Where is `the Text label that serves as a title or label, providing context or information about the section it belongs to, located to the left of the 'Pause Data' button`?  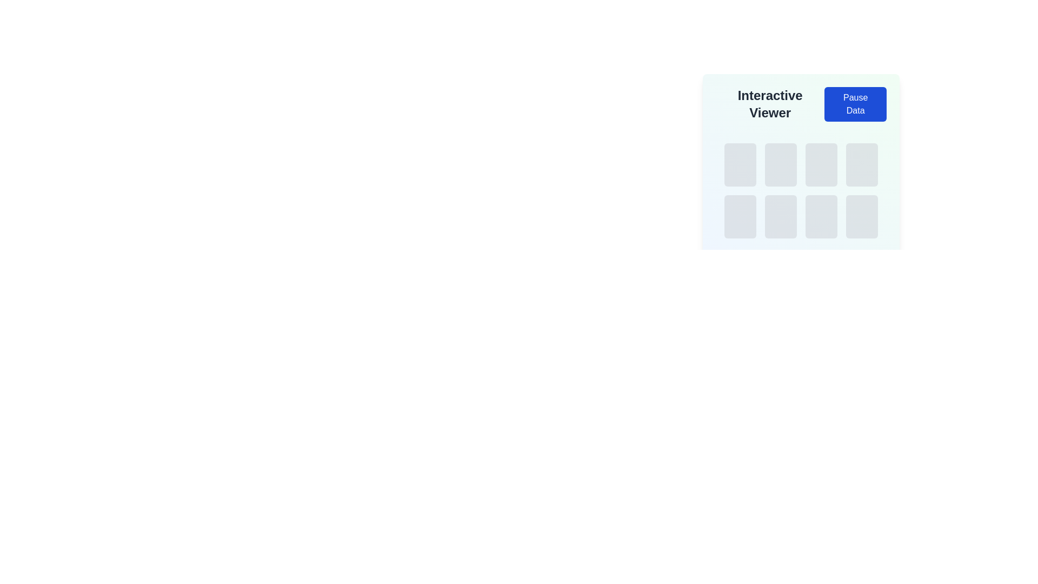
the Text label that serves as a title or label, providing context or information about the section it belongs to, located to the left of the 'Pause Data' button is located at coordinates (769, 104).